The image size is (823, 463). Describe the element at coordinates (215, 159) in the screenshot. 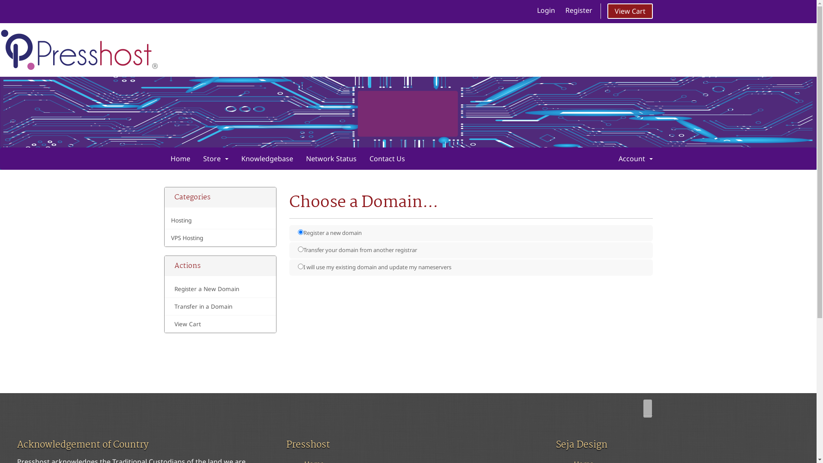

I see `'Store  '` at that location.